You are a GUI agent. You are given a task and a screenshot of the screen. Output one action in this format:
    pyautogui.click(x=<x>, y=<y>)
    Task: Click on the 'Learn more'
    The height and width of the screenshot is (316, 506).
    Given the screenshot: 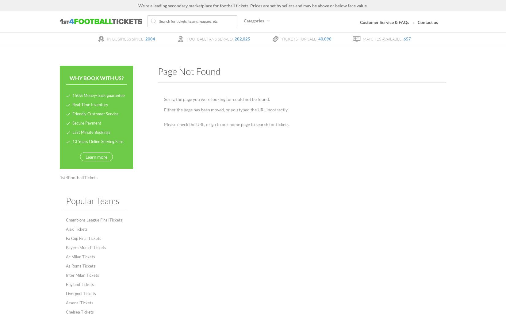 What is the action you would take?
    pyautogui.click(x=96, y=156)
    